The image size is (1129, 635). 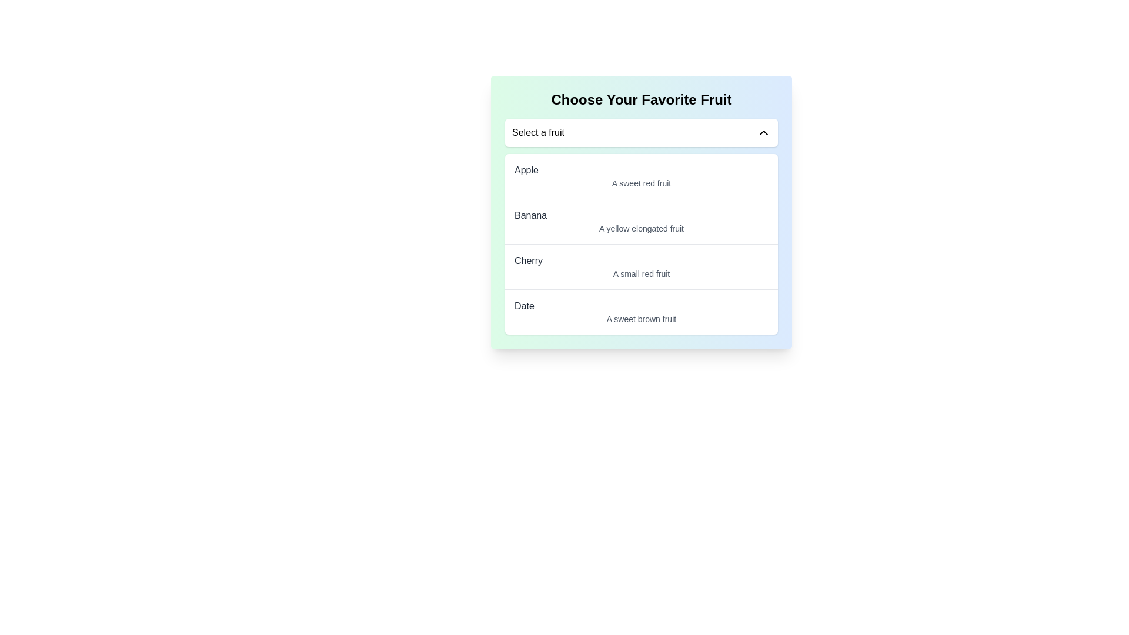 What do you see at coordinates (640, 319) in the screenshot?
I see `description text label that states 'A sweet brown fruit', which is located below the 'Date' option in the dropdown menu` at bounding box center [640, 319].